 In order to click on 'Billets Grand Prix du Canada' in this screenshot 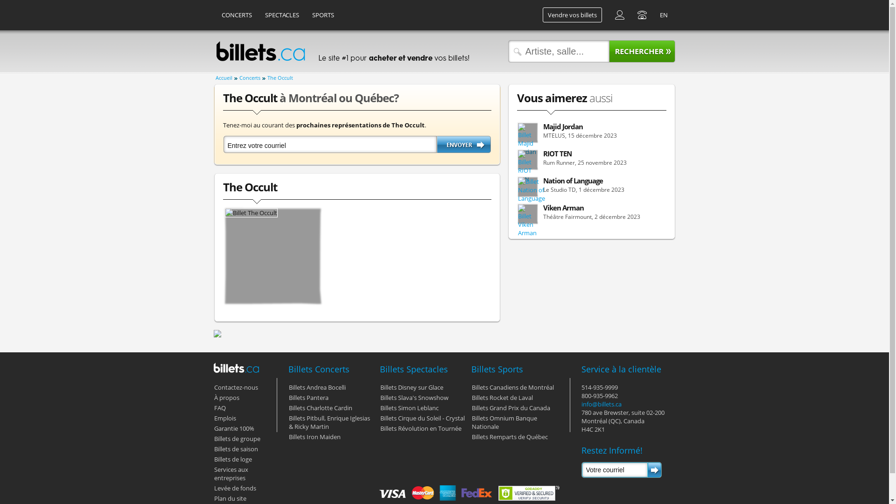, I will do `click(510, 407)`.